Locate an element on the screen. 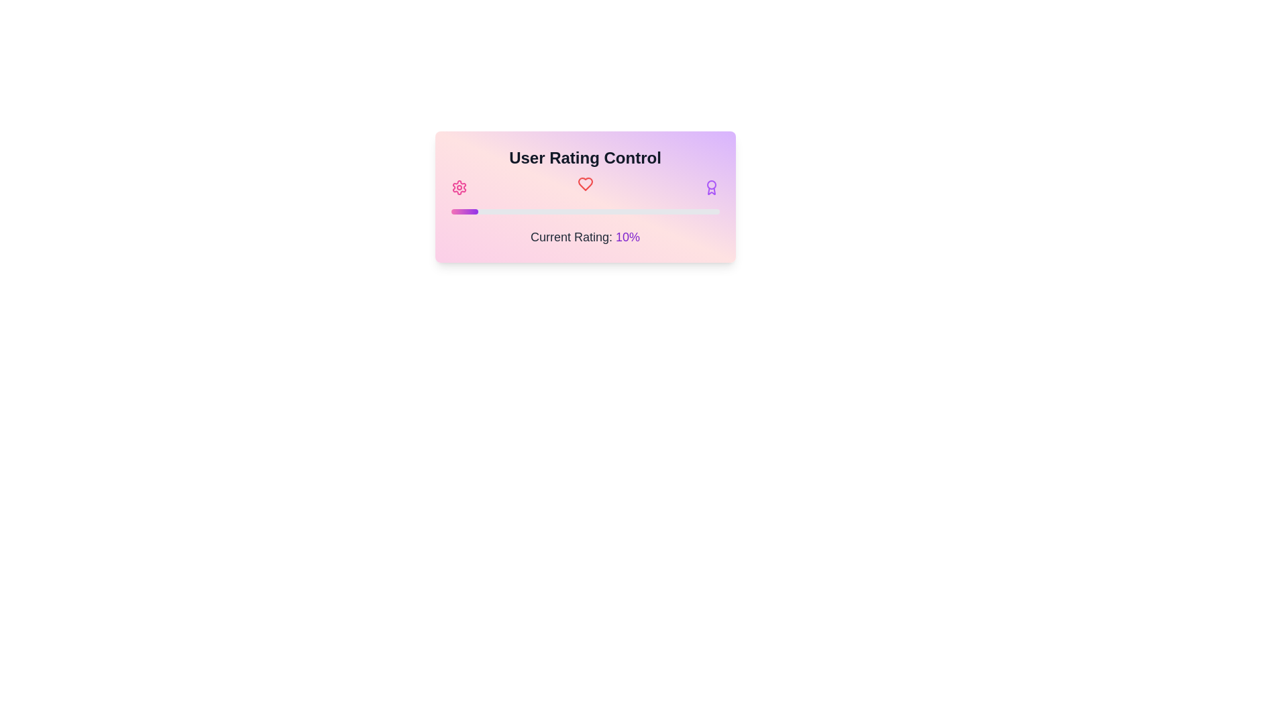 This screenshot has height=724, width=1288. the rating value is located at coordinates (480, 188).